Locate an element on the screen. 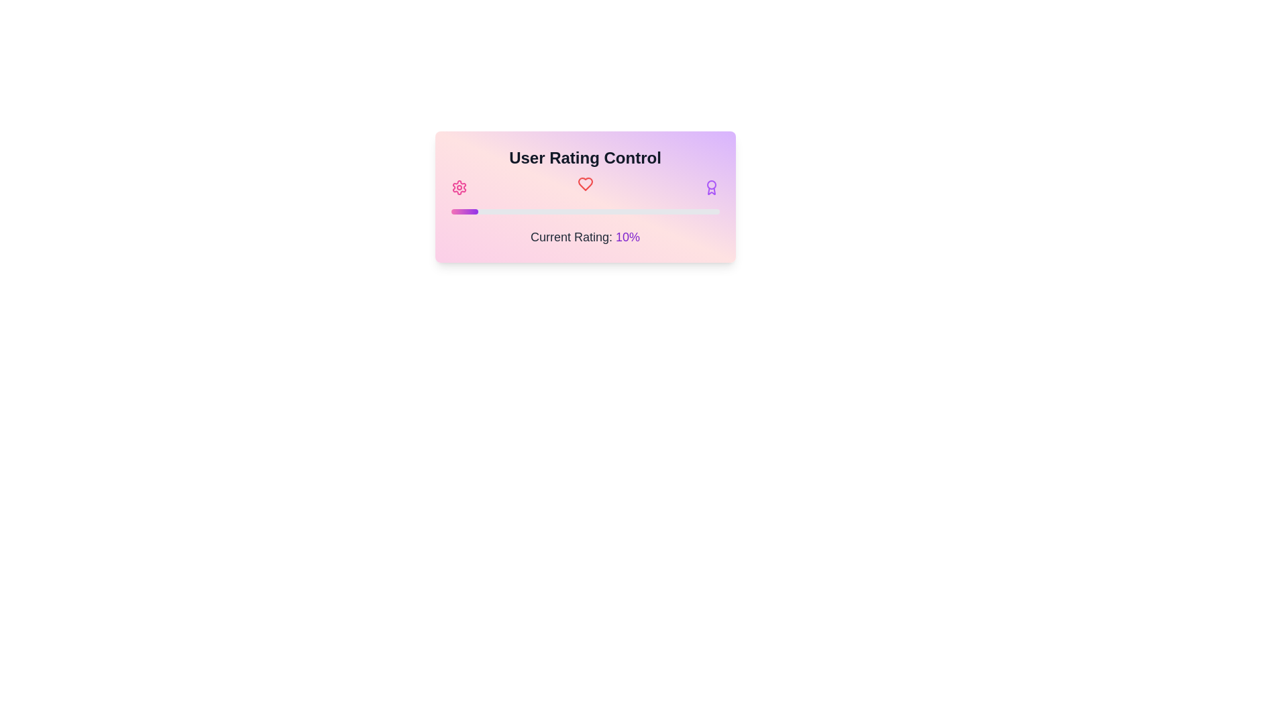 This screenshot has height=724, width=1288. the rating value is located at coordinates (480, 188).